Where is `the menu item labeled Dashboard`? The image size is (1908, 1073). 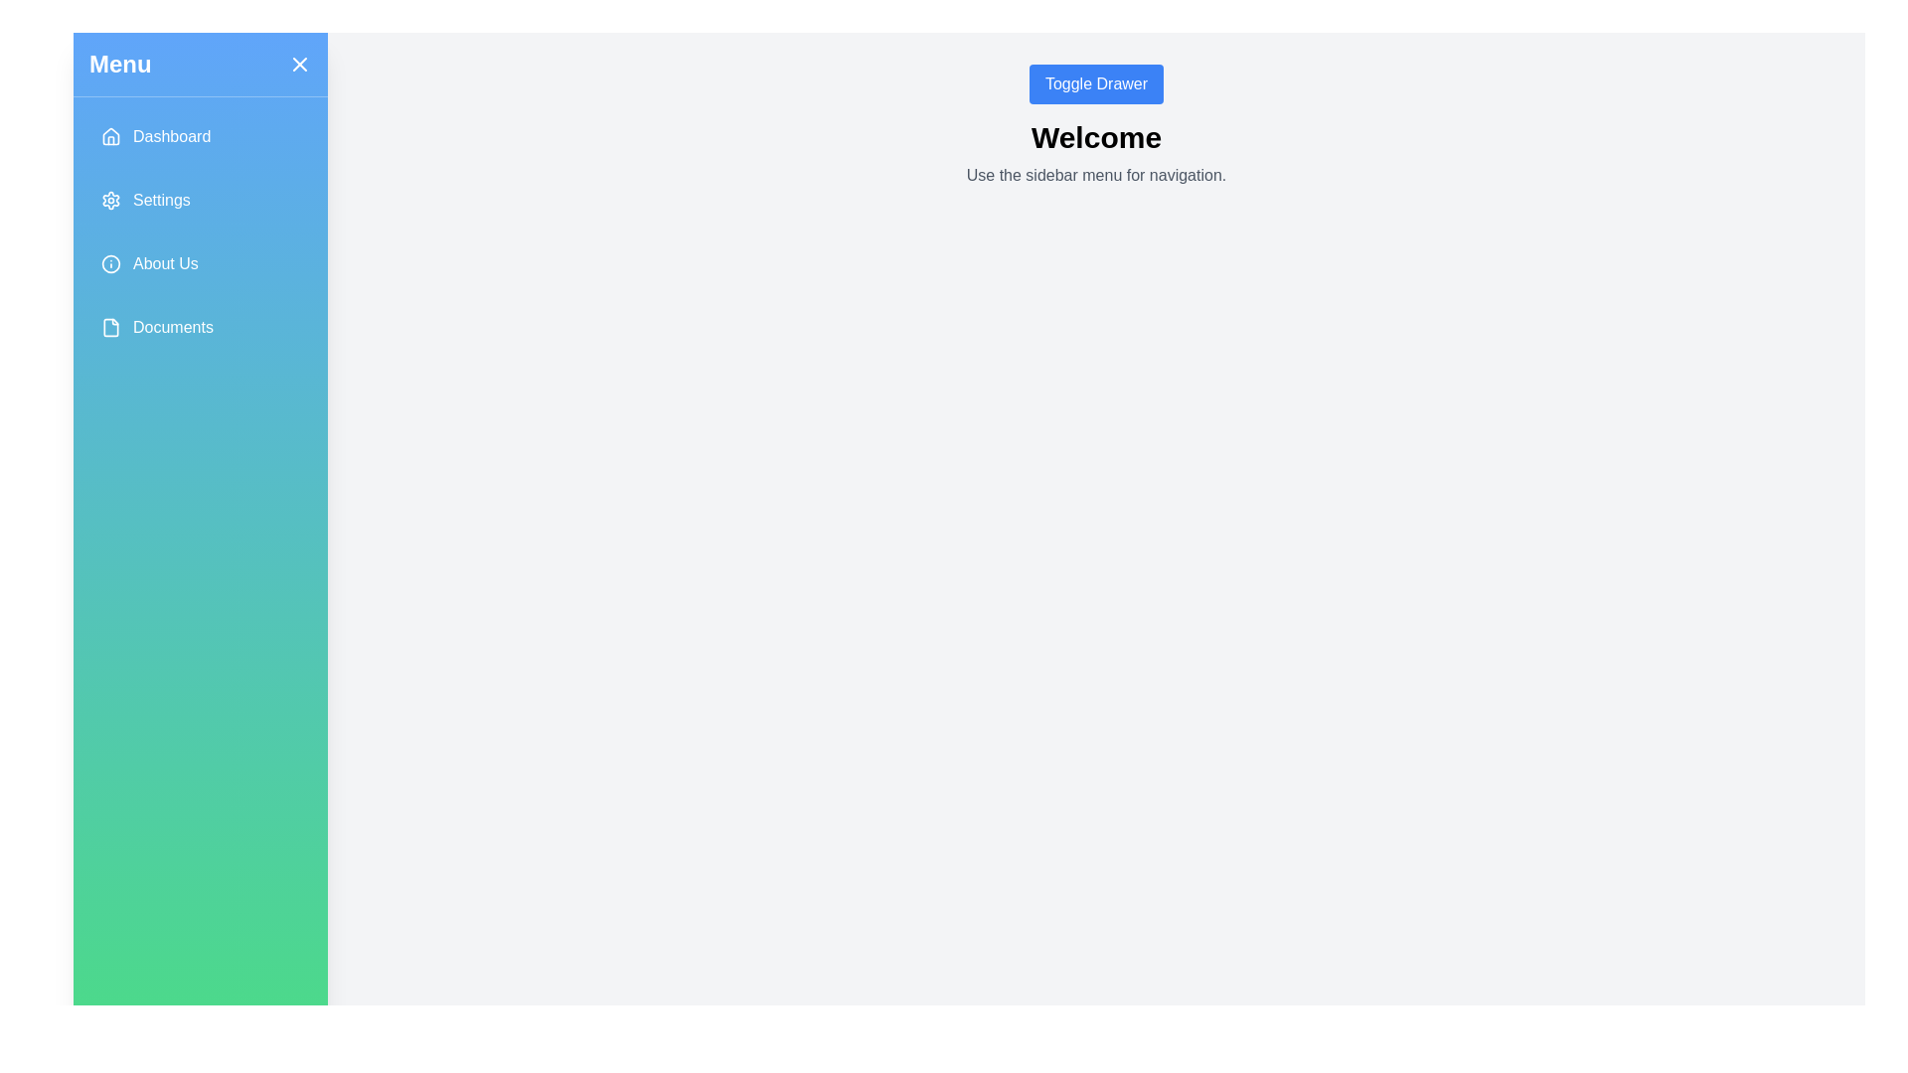
the menu item labeled Dashboard is located at coordinates (200, 136).